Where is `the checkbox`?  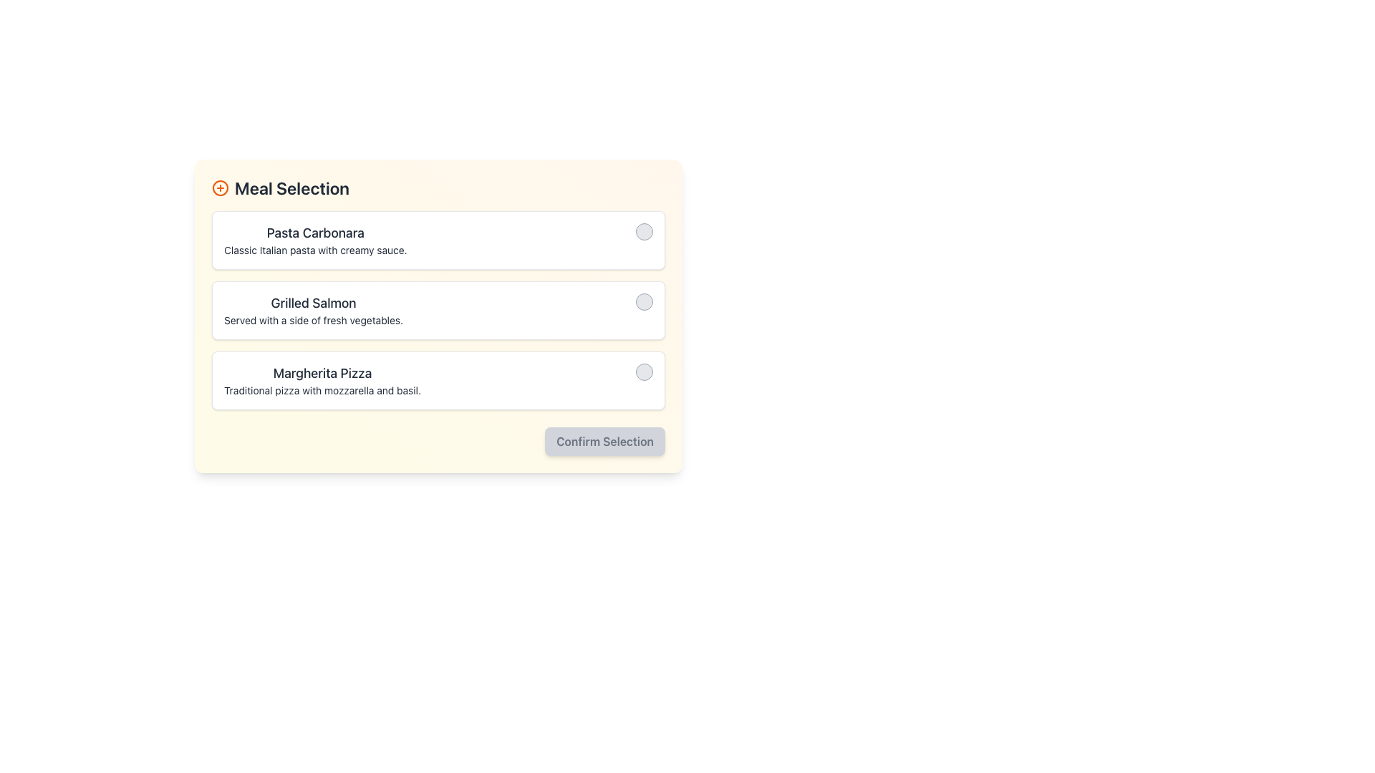
the checkbox is located at coordinates (644, 371).